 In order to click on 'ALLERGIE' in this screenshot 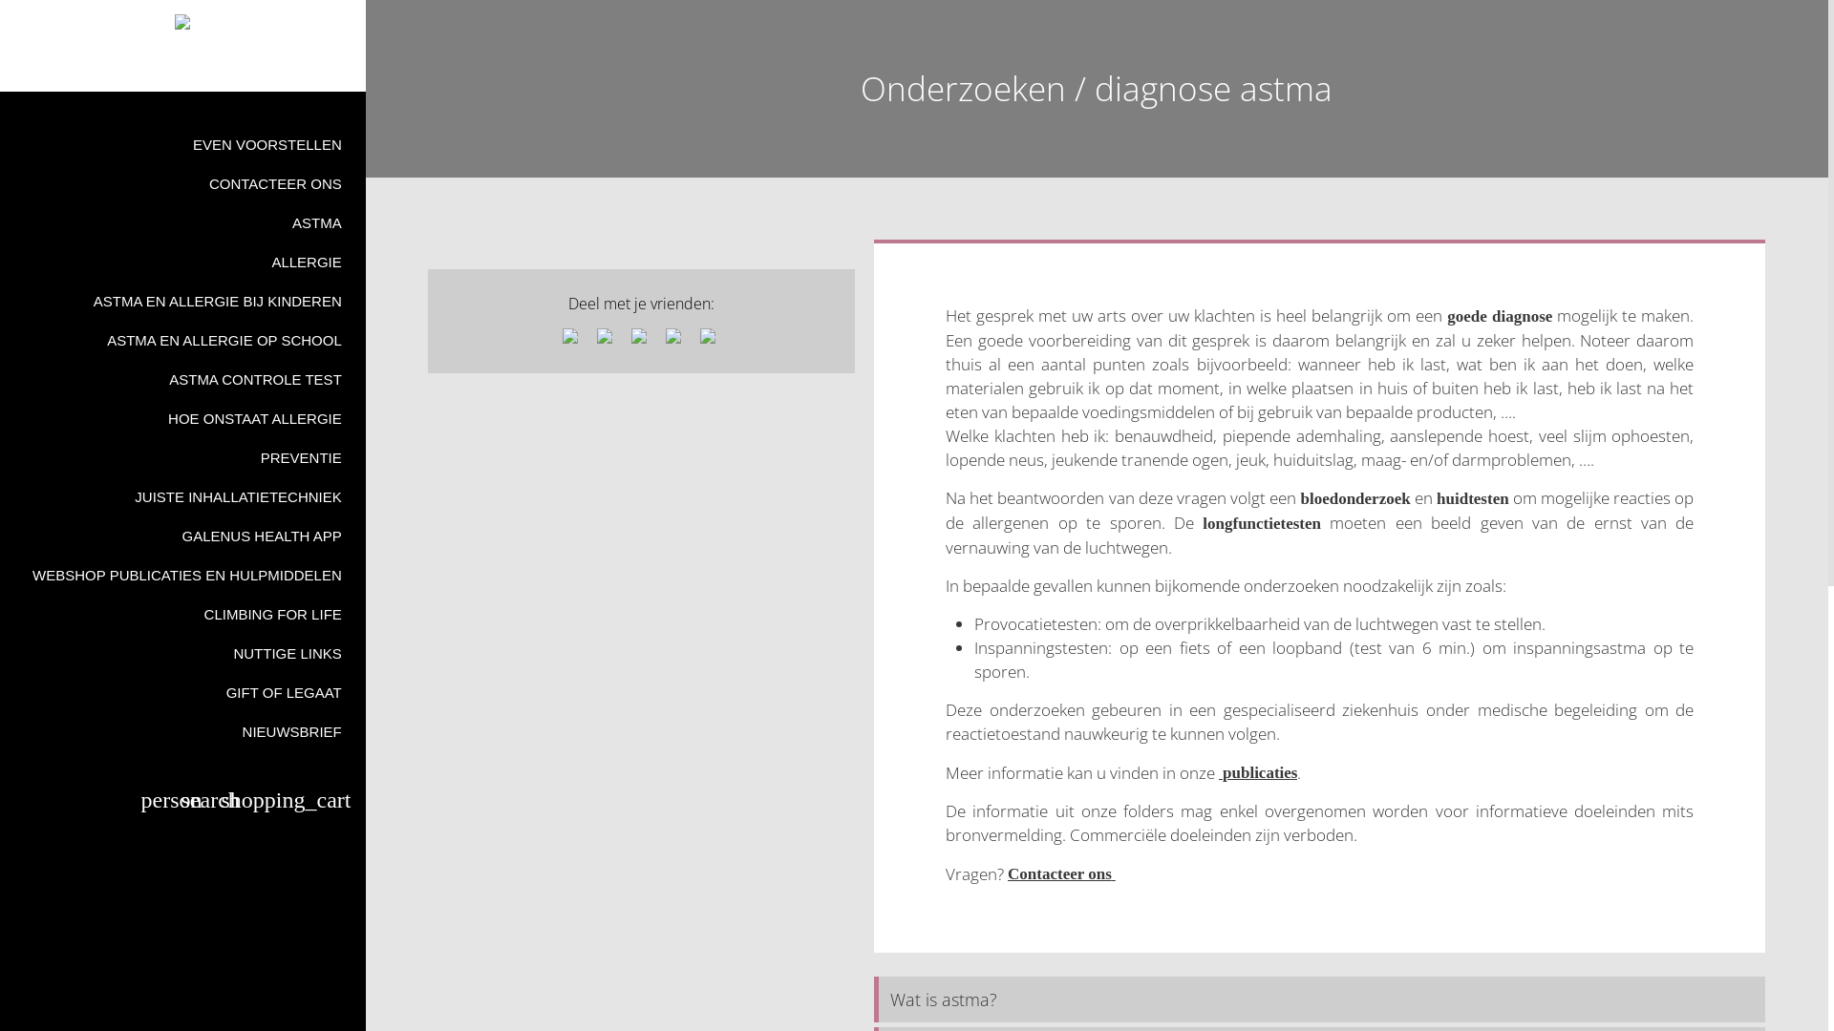, I will do `click(182, 262)`.